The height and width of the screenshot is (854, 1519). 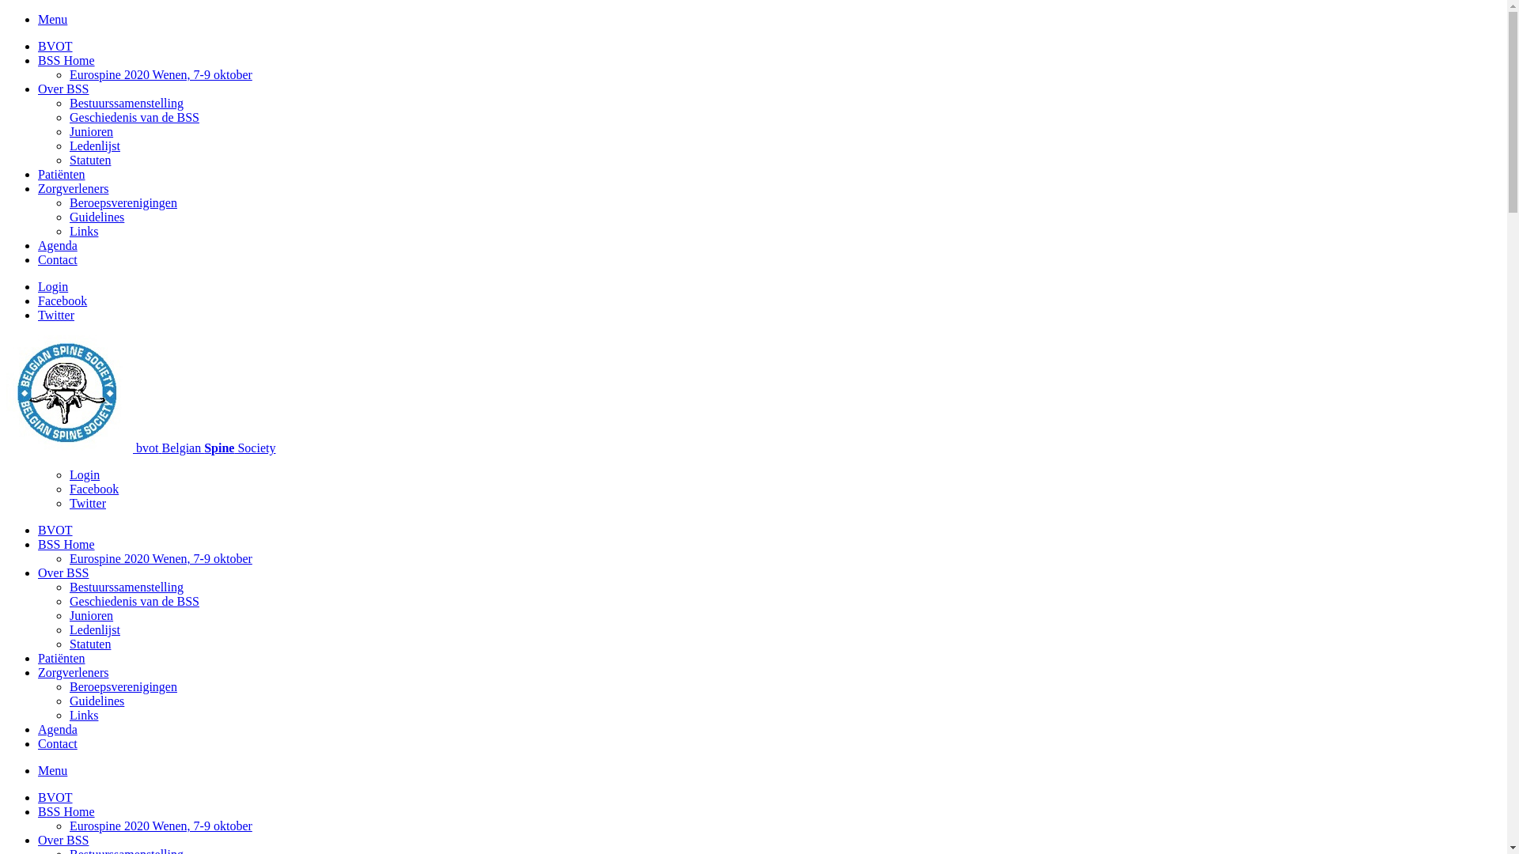 I want to click on 'Bestuurssamenstelling', so click(x=125, y=587).